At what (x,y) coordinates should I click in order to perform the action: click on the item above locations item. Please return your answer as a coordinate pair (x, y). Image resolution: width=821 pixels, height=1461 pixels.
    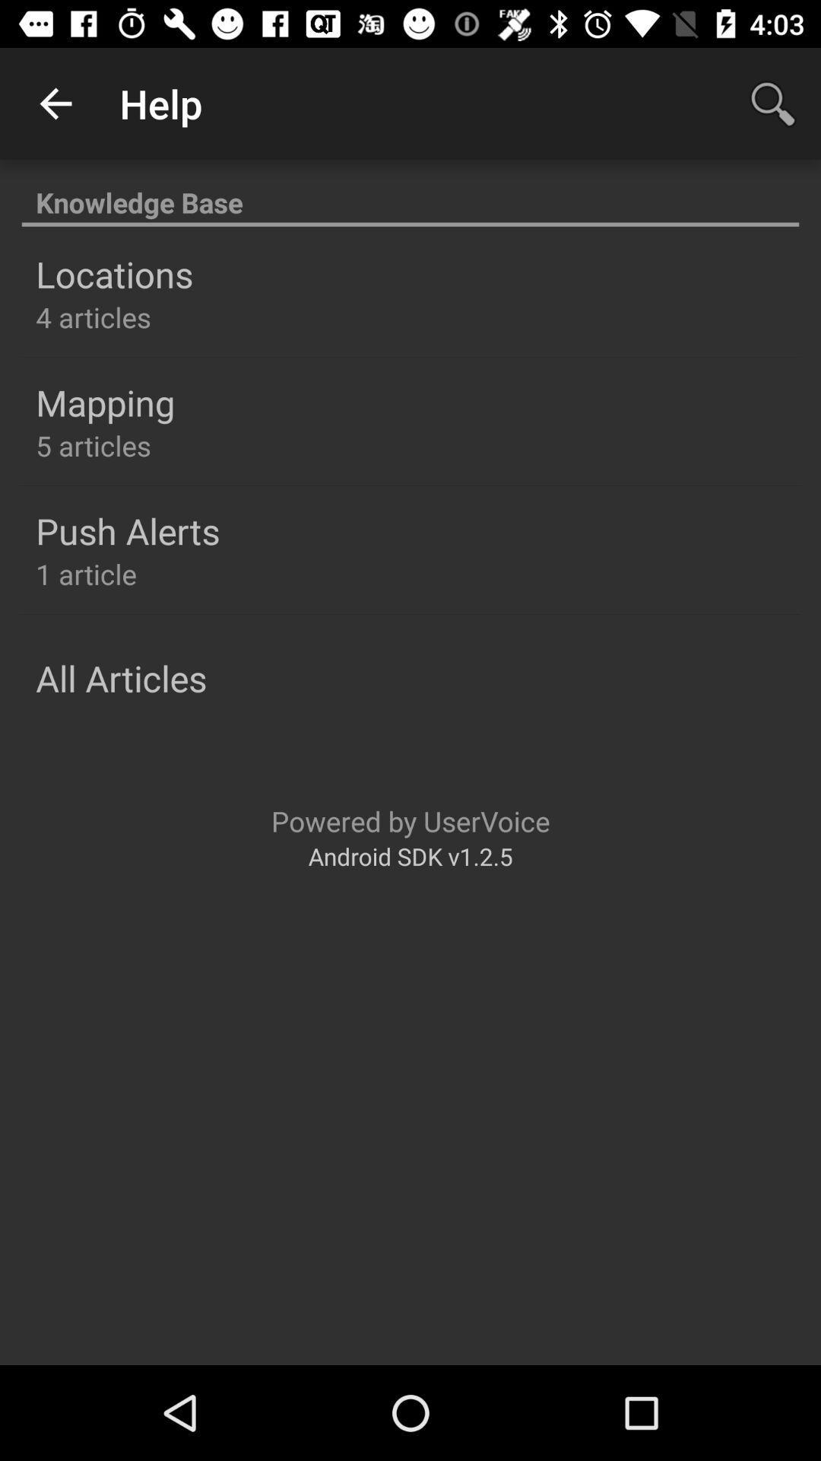
    Looking at the image, I should click on (410, 193).